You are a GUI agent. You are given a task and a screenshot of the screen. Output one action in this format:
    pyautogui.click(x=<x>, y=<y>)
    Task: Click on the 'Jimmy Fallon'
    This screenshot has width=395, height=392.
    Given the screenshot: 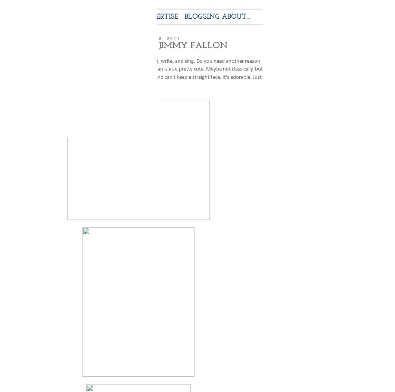 What is the action you would take?
    pyautogui.click(x=28, y=60)
    